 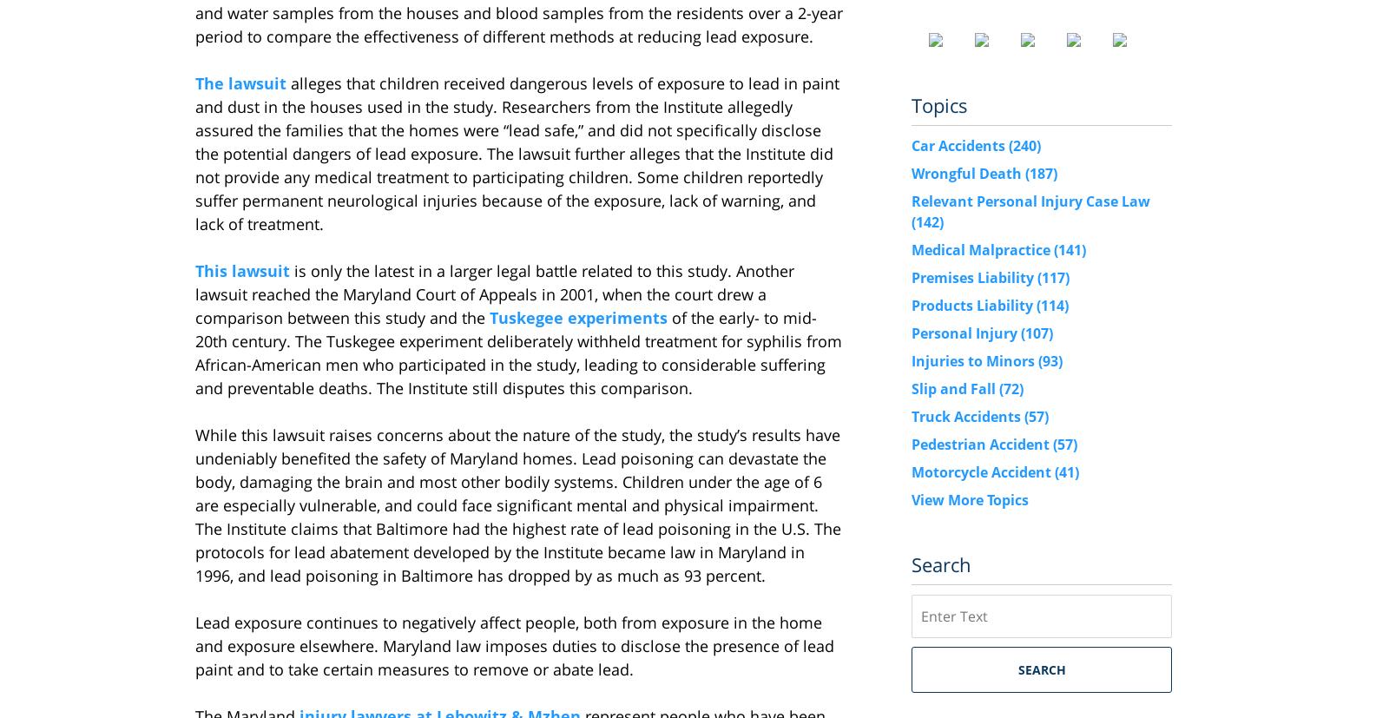 What do you see at coordinates (983, 471) in the screenshot?
I see `'Motorcycle Accident'` at bounding box center [983, 471].